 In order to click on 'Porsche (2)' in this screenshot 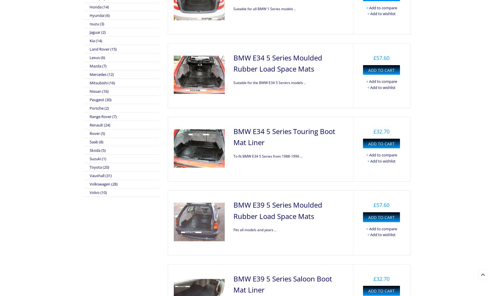, I will do `click(89, 108)`.